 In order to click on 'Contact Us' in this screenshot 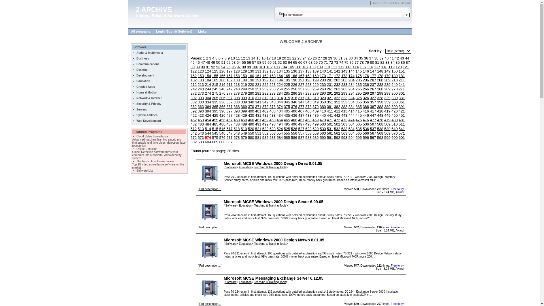, I will do `click(390, 3)`.